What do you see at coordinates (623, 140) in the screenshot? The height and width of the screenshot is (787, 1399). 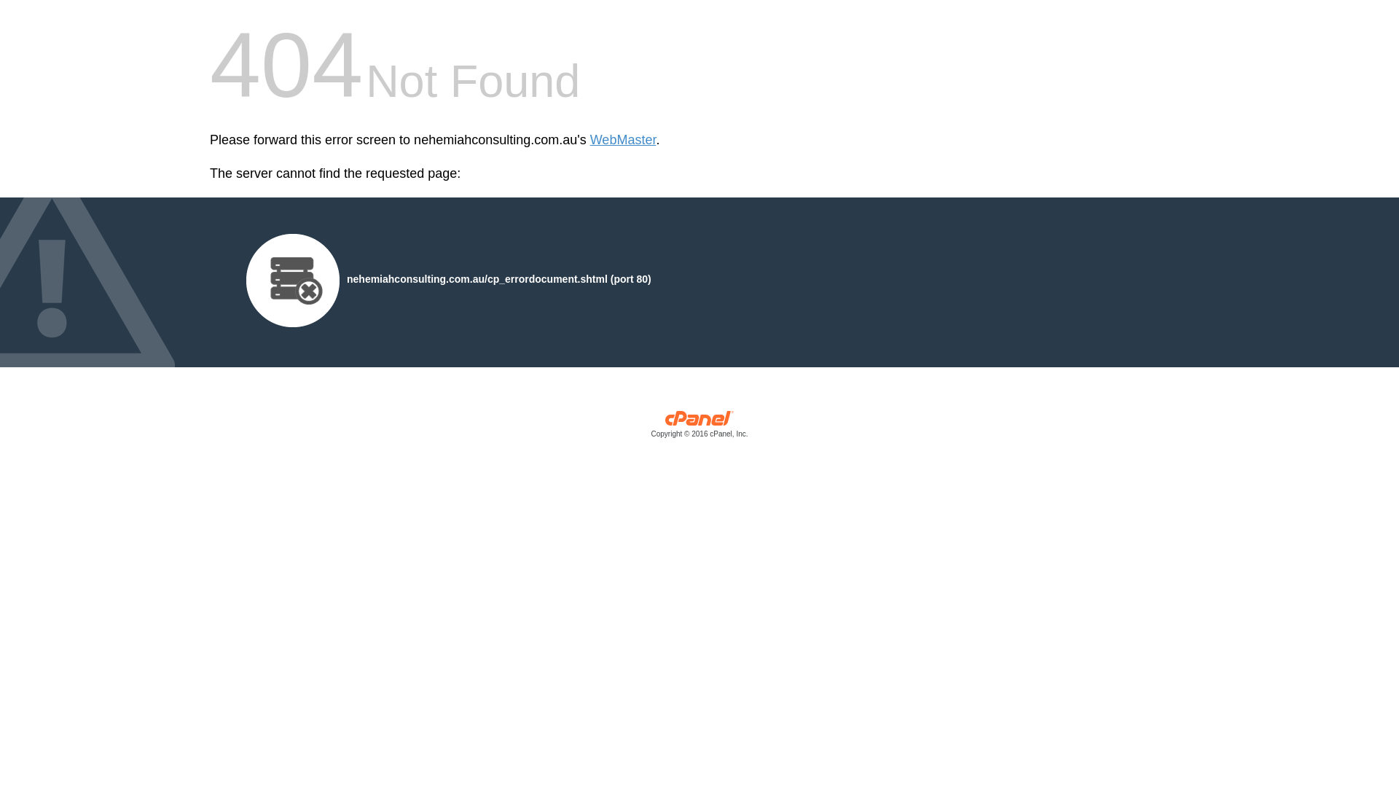 I see `'WebMaster'` at bounding box center [623, 140].